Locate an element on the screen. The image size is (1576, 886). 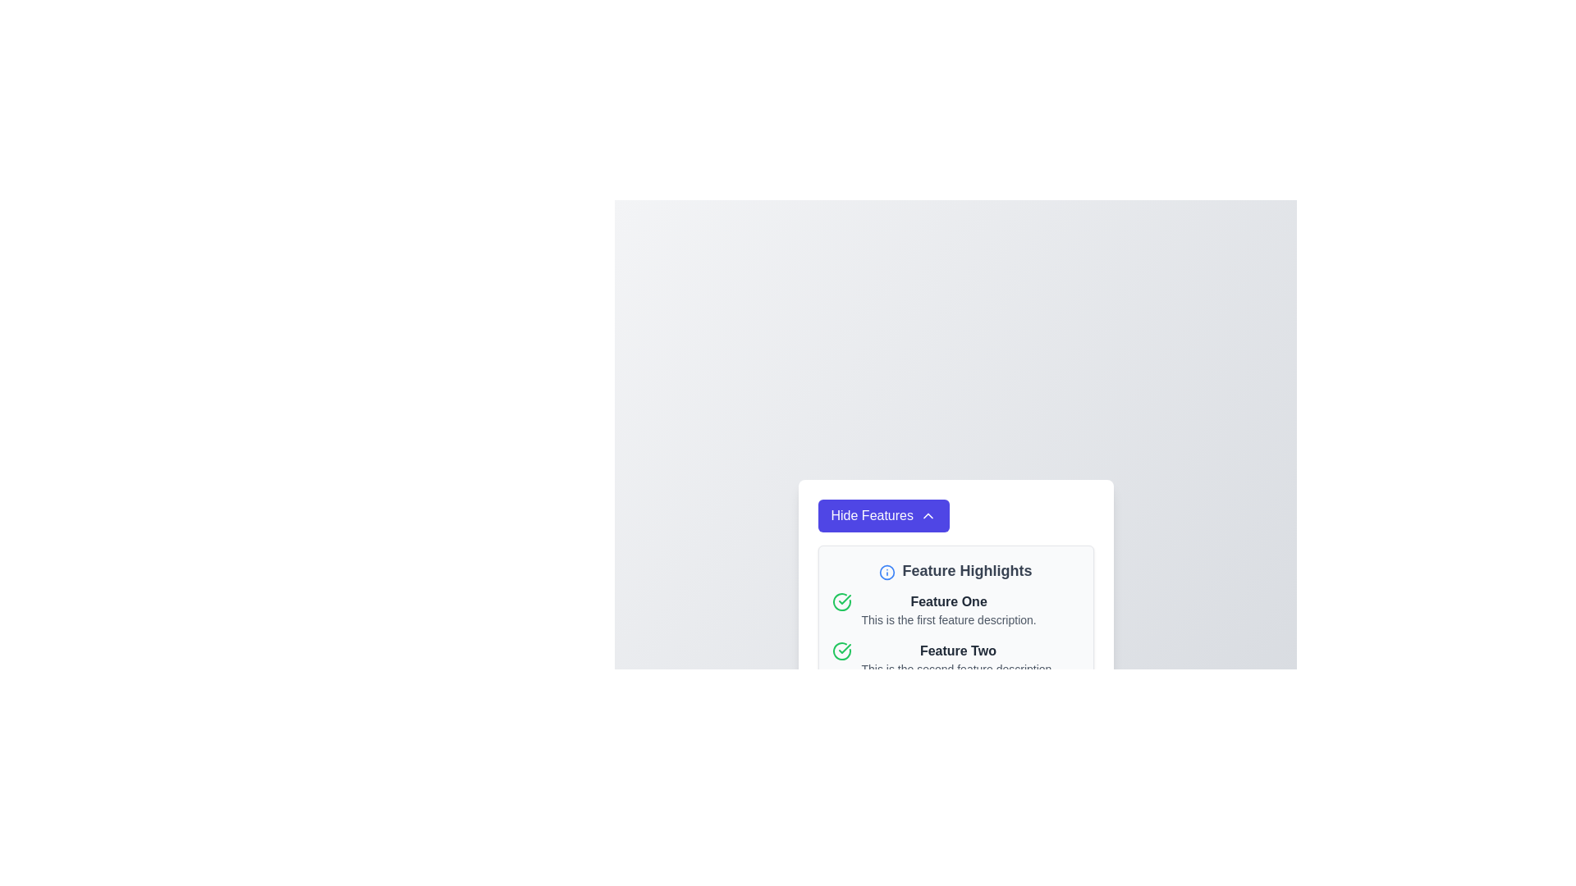
the informational Icon located to the left of the 'Feature Highlights' text in the title bar is located at coordinates (886, 571).